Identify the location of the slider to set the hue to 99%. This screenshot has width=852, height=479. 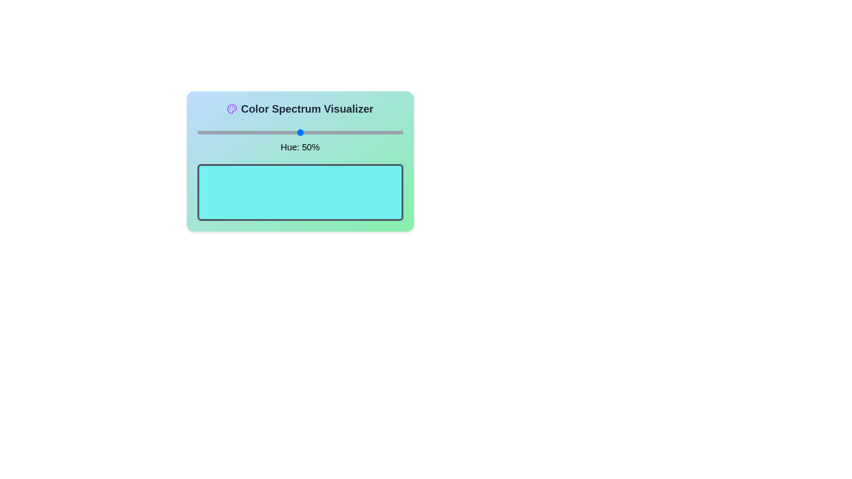
(400, 133).